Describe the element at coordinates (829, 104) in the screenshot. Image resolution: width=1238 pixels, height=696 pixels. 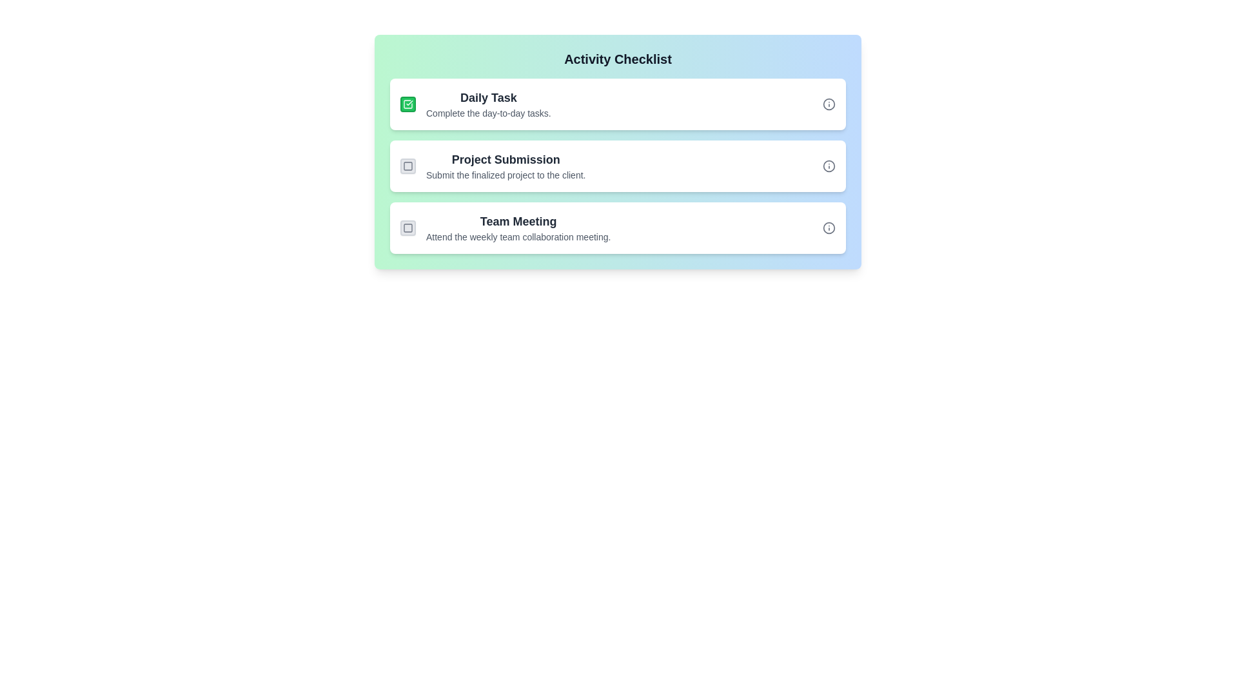
I see `the circular icon button featuring a stylized 'i' symbol located at the far right of the 'Daily Task' row` at that location.